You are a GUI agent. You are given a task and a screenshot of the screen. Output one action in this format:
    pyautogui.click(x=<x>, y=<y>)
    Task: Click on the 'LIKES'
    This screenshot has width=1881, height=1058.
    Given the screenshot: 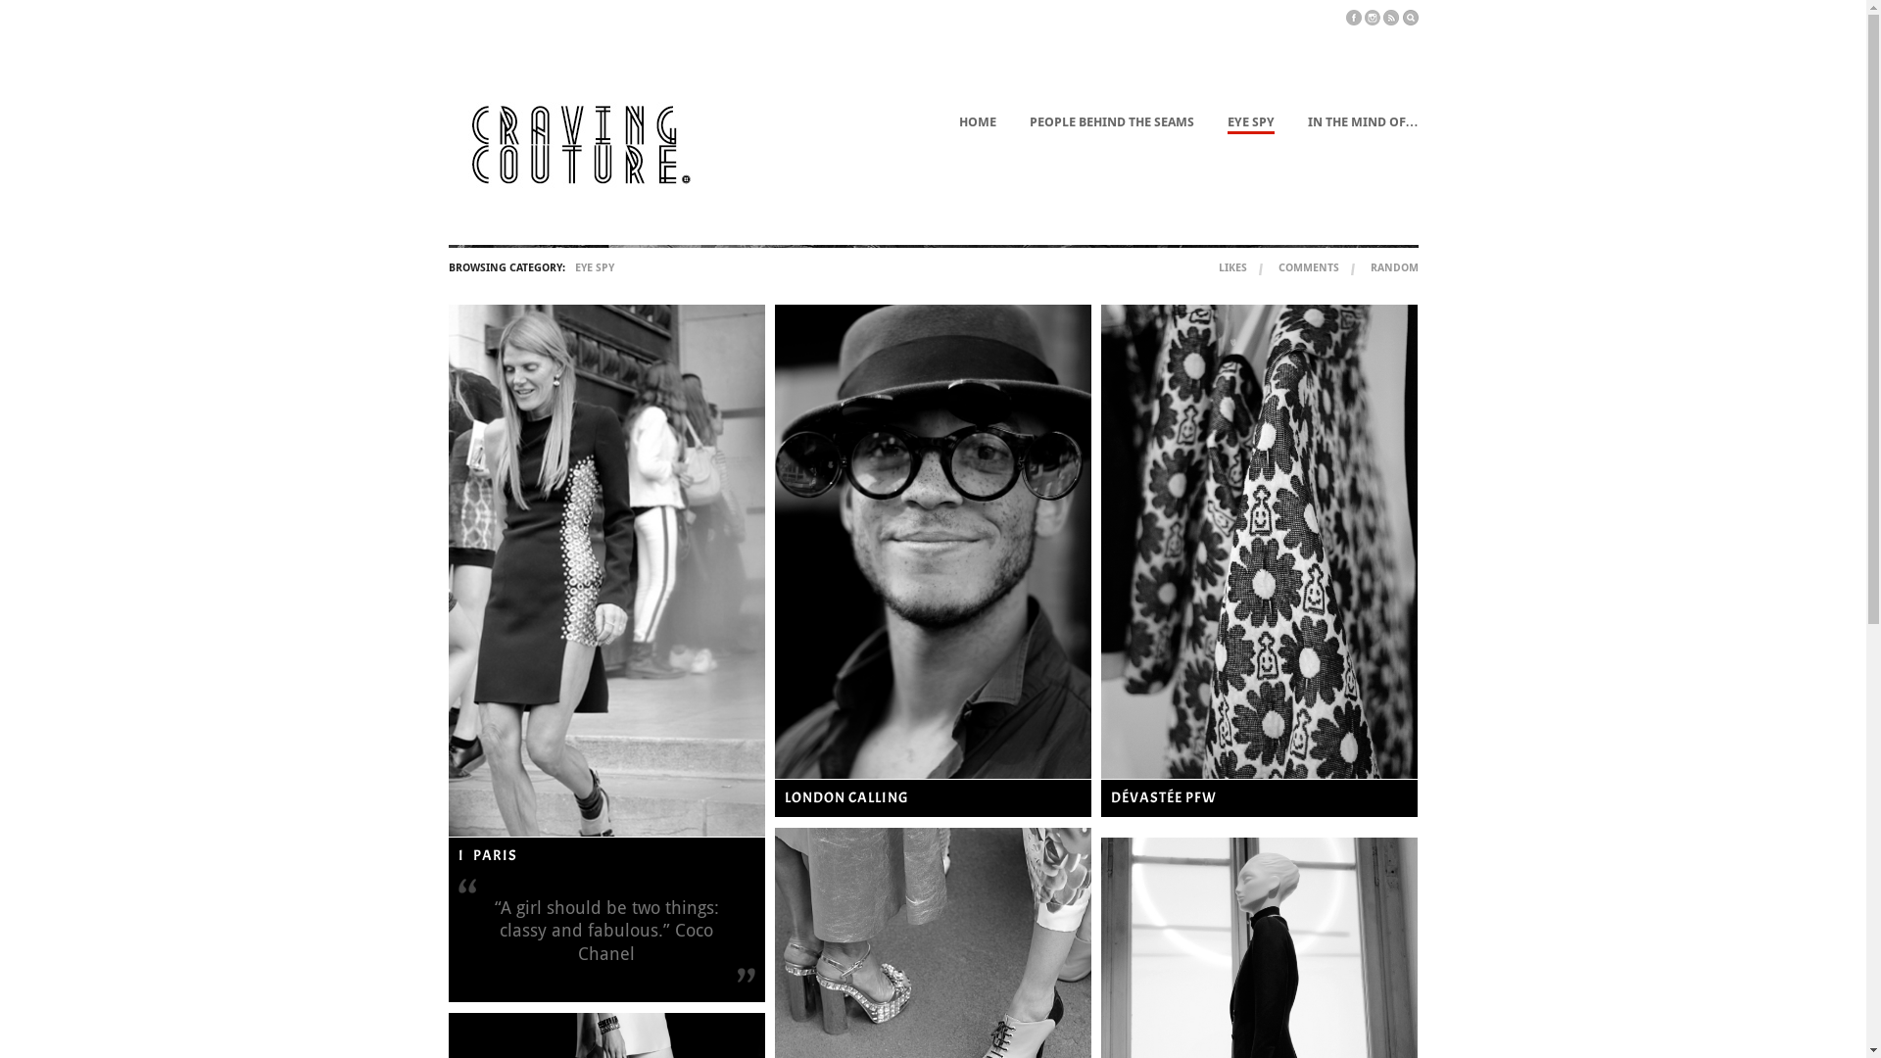 What is the action you would take?
    pyautogui.click(x=1231, y=267)
    